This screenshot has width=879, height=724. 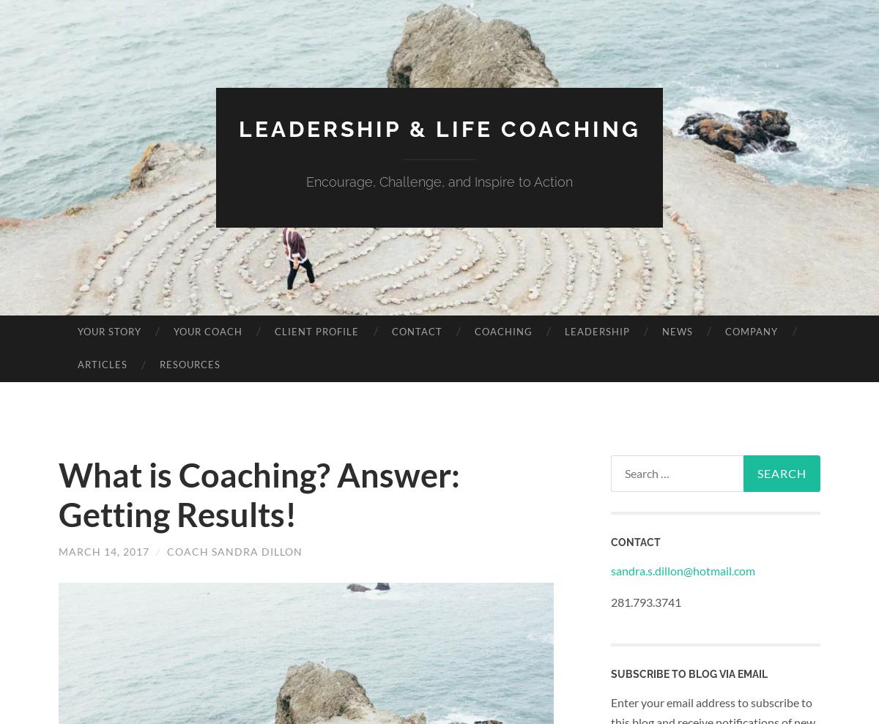 What do you see at coordinates (152, 551) in the screenshot?
I see `'/'` at bounding box center [152, 551].